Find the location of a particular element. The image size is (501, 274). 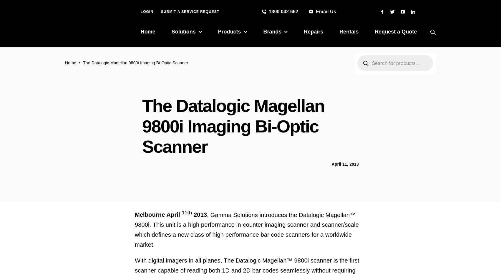

'Barcode Printers' is located at coordinates (239, 70).